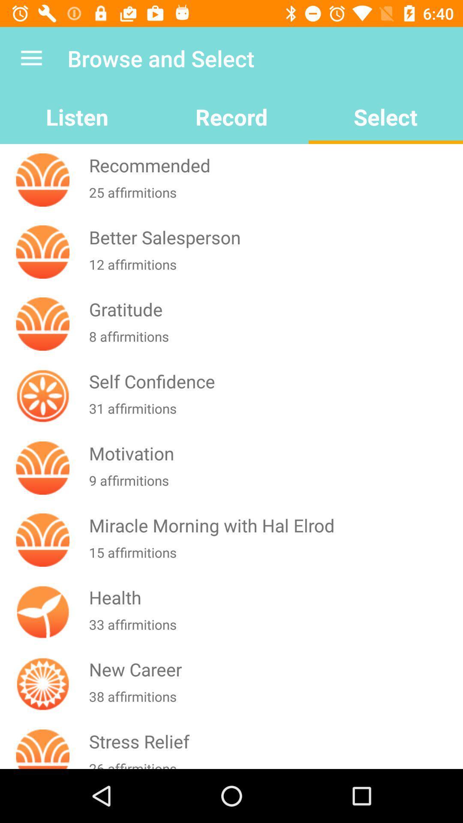 The width and height of the screenshot is (463, 823). Describe the element at coordinates (274, 165) in the screenshot. I see `the recommended icon` at that location.